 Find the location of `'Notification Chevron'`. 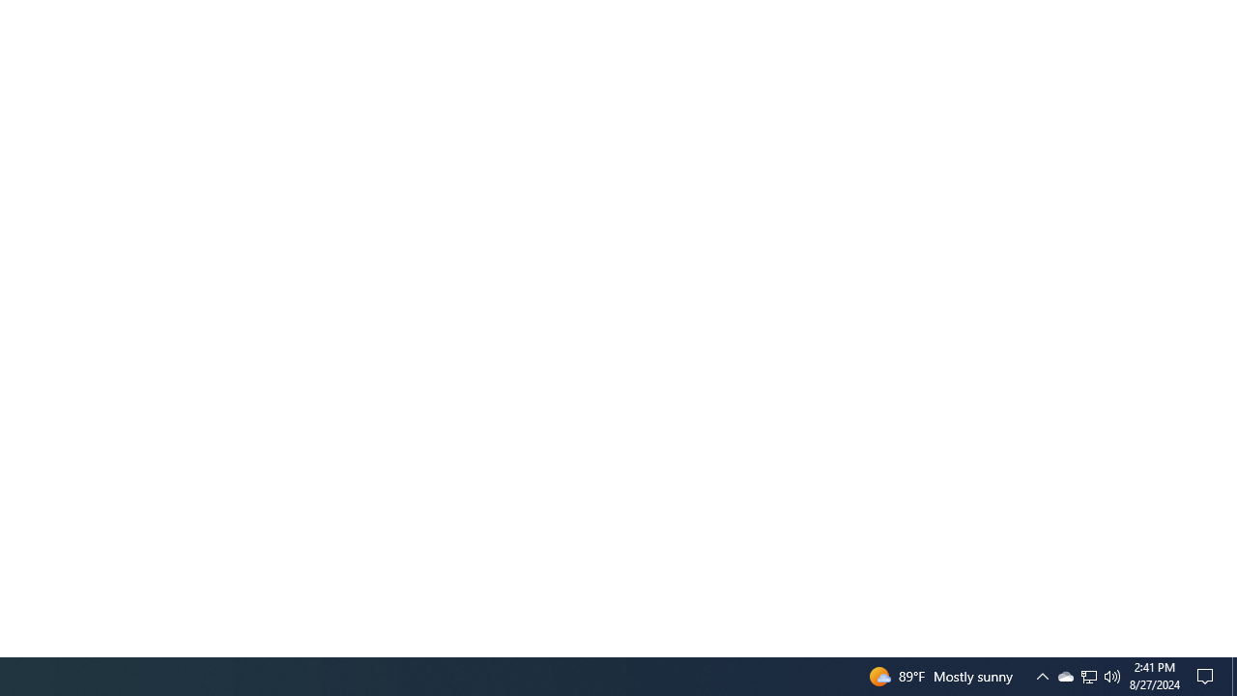

'Notification Chevron' is located at coordinates (1064, 675).